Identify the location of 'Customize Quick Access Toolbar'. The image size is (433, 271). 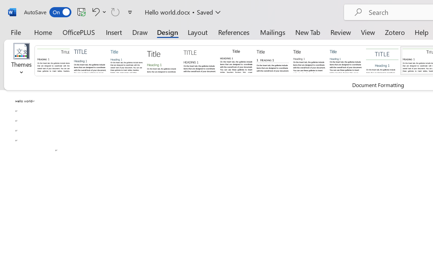
(130, 12).